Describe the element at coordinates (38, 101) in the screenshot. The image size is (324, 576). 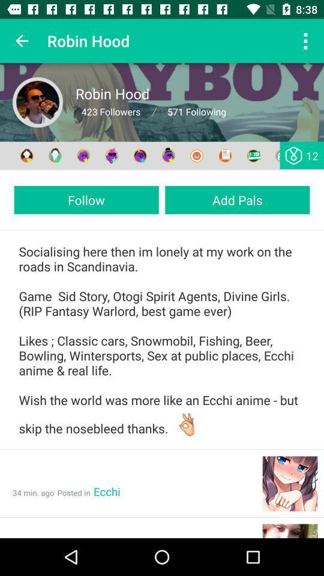
I see `icon` at that location.